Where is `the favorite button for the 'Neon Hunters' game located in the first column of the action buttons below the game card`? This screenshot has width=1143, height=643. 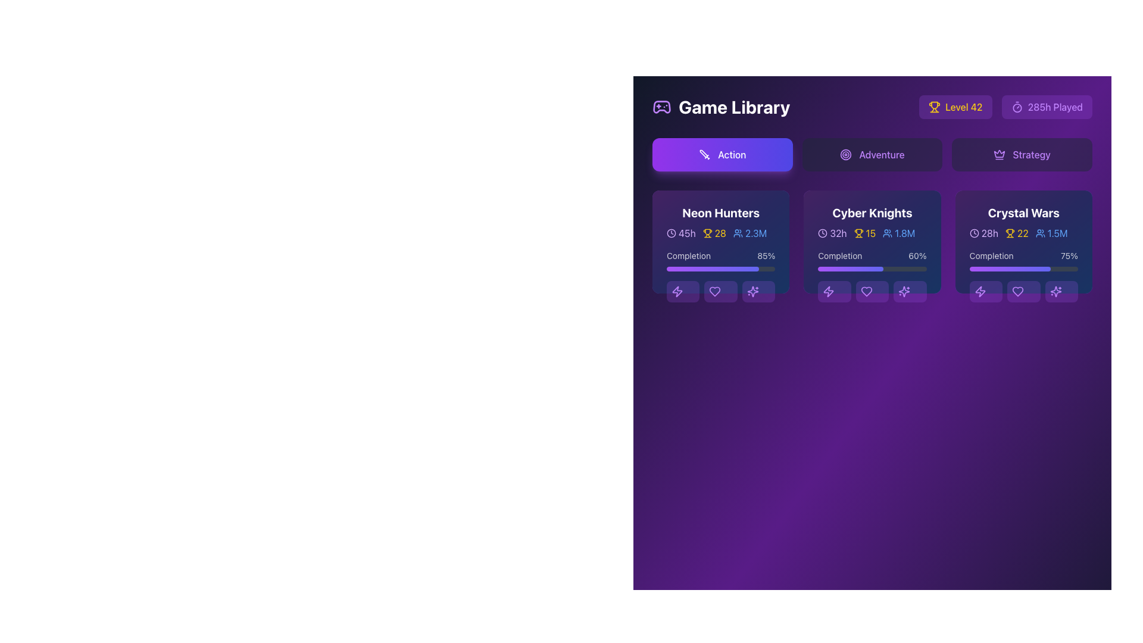
the favorite button for the 'Neon Hunters' game located in the first column of the action buttons below the game card is located at coordinates (720, 291).